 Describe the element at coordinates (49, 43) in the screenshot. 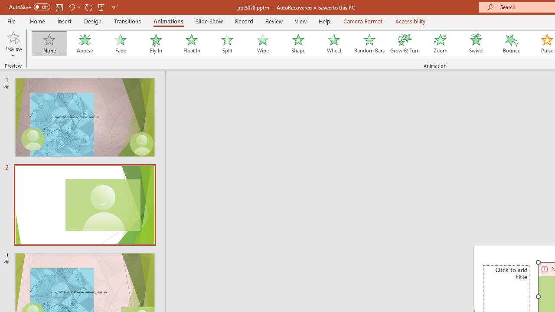

I see `'None'` at that location.